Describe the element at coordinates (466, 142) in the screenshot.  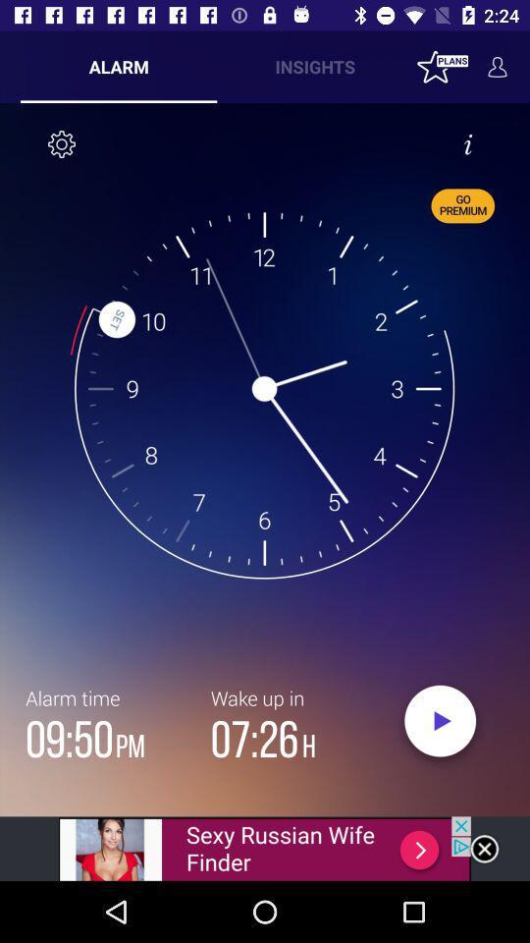
I see `info` at that location.